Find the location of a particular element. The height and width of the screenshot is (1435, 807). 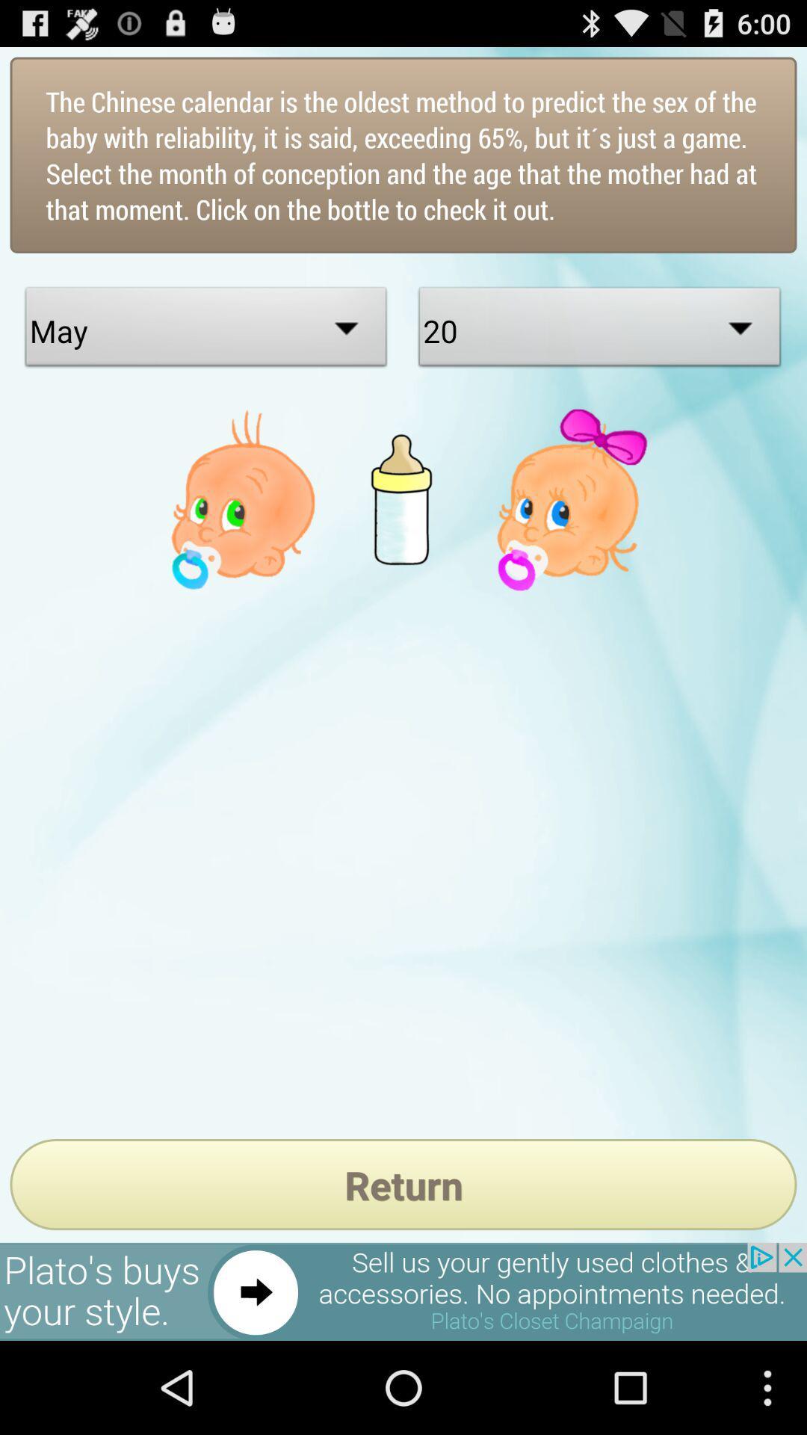

next is located at coordinates (403, 1291).